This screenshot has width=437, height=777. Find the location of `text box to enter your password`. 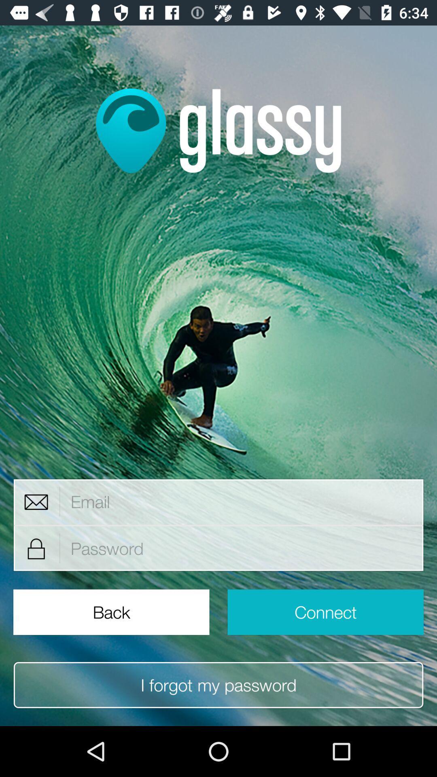

text box to enter your password is located at coordinates (242, 548).